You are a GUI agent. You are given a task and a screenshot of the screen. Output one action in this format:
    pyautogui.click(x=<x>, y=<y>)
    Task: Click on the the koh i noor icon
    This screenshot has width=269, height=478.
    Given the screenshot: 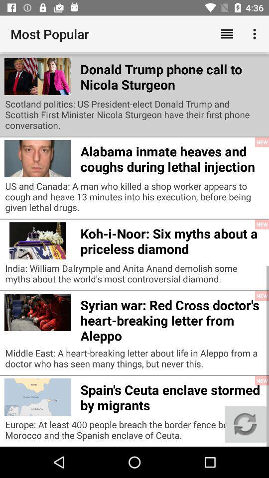 What is the action you would take?
    pyautogui.click(x=171, y=239)
    